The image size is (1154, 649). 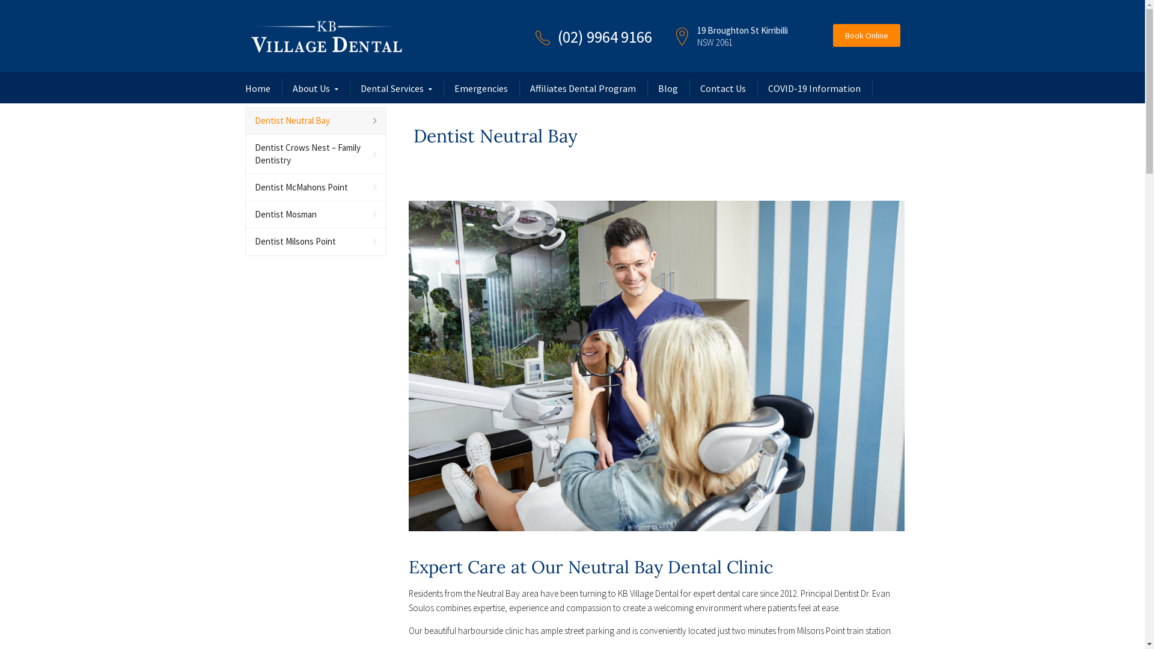 I want to click on 'Dentist Milsons Point', so click(x=316, y=242).